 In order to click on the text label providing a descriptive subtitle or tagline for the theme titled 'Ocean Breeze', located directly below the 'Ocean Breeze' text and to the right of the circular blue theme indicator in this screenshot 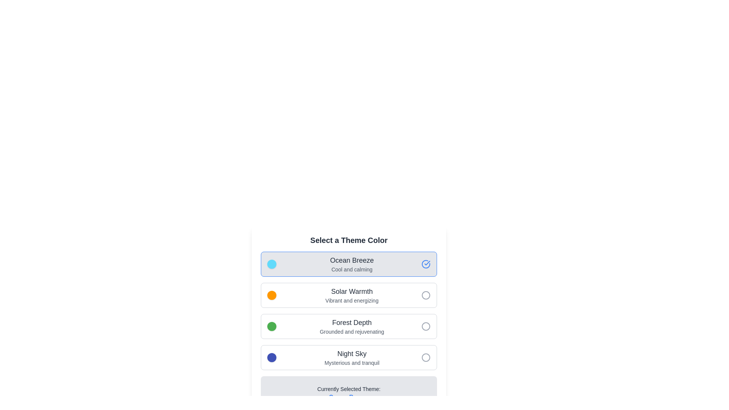, I will do `click(351, 269)`.